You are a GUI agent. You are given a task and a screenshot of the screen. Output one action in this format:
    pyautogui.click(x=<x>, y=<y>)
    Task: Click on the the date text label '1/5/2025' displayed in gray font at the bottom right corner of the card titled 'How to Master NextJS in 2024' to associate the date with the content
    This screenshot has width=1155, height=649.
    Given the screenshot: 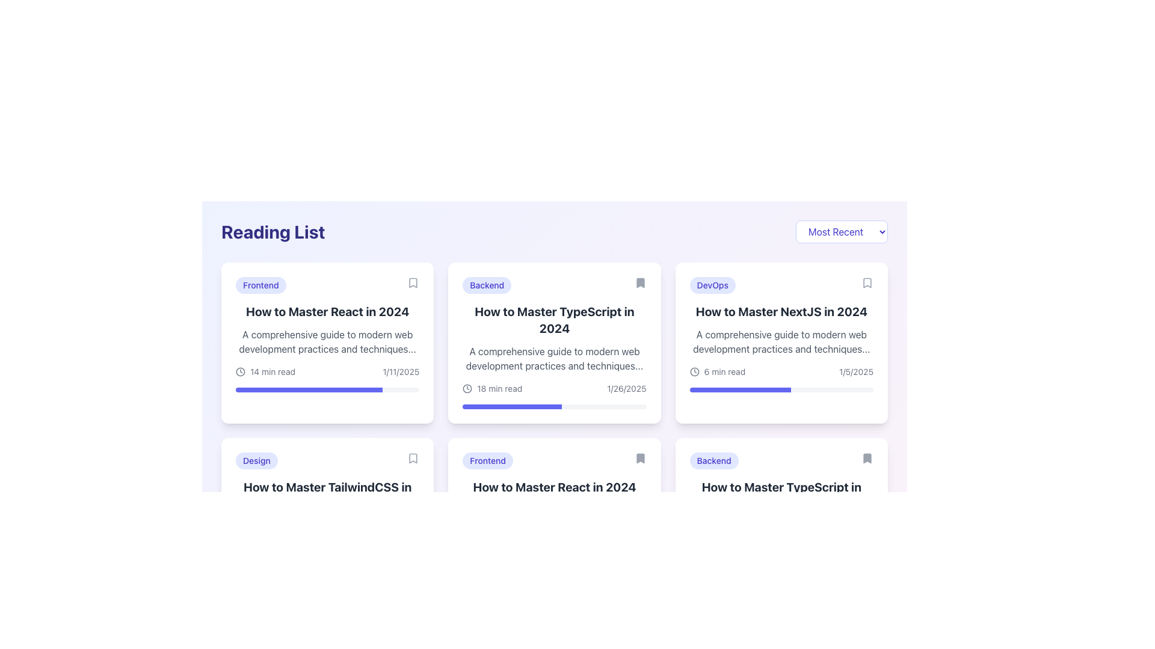 What is the action you would take?
    pyautogui.click(x=855, y=371)
    